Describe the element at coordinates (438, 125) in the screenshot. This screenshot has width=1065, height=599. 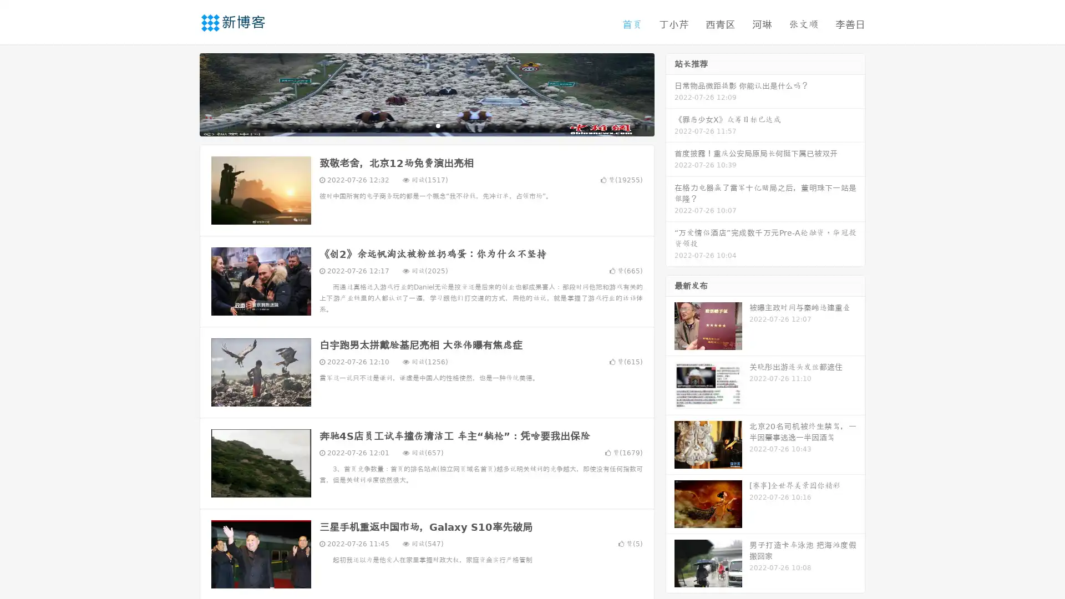
I see `Go to slide 3` at that location.